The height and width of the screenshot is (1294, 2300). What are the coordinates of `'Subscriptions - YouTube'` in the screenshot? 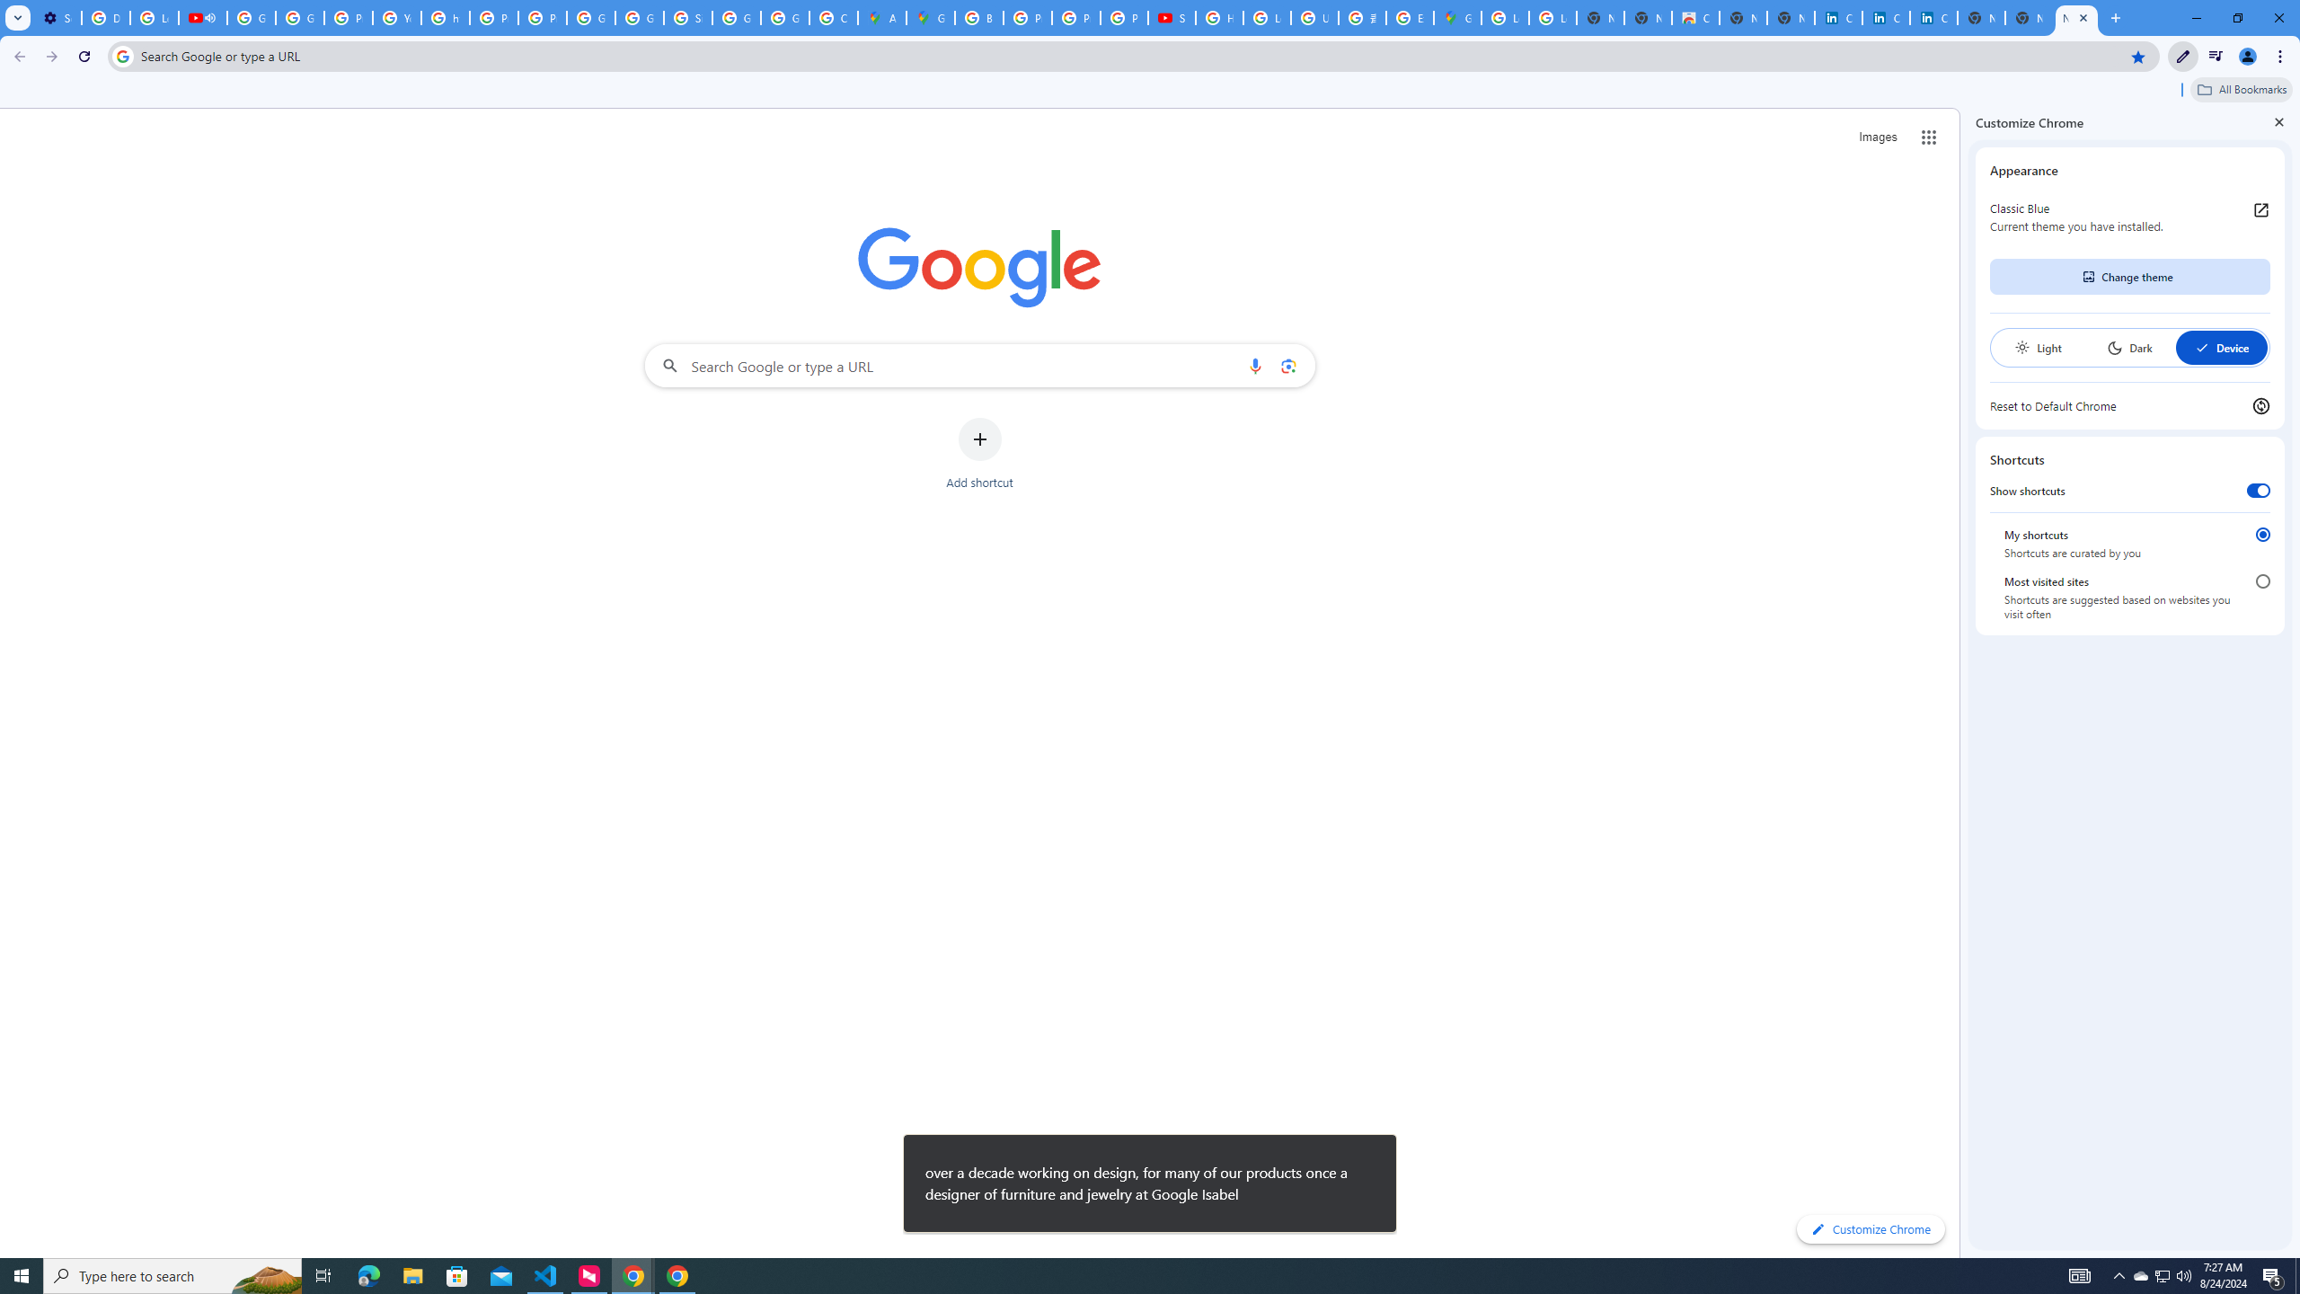 It's located at (1172, 17).